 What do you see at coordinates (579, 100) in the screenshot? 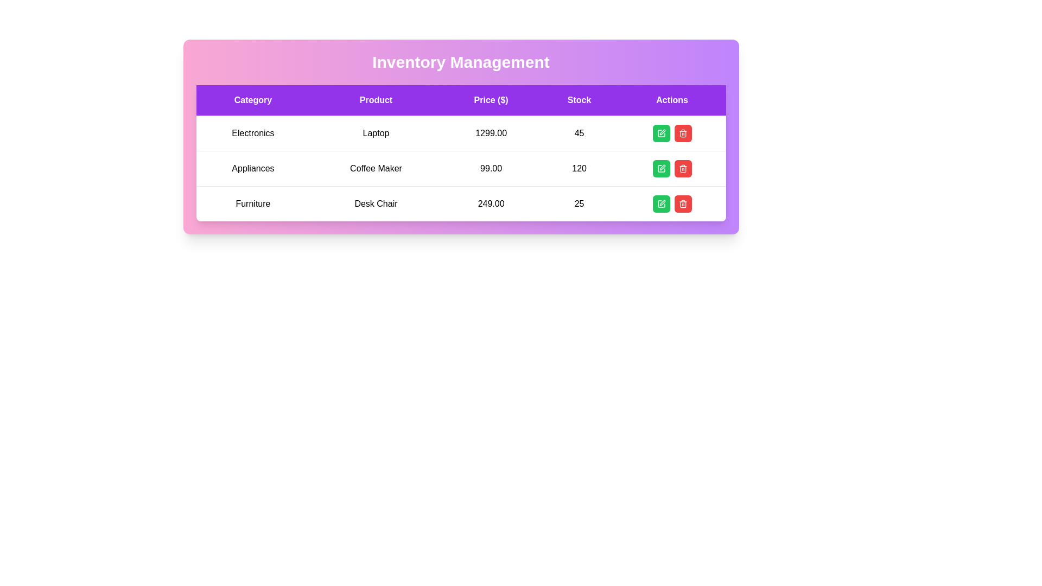
I see `the Table Header Cell labeled 'Stock', which is positioned fourth among its siblings between 'Price ($)' and 'Actions'` at bounding box center [579, 100].